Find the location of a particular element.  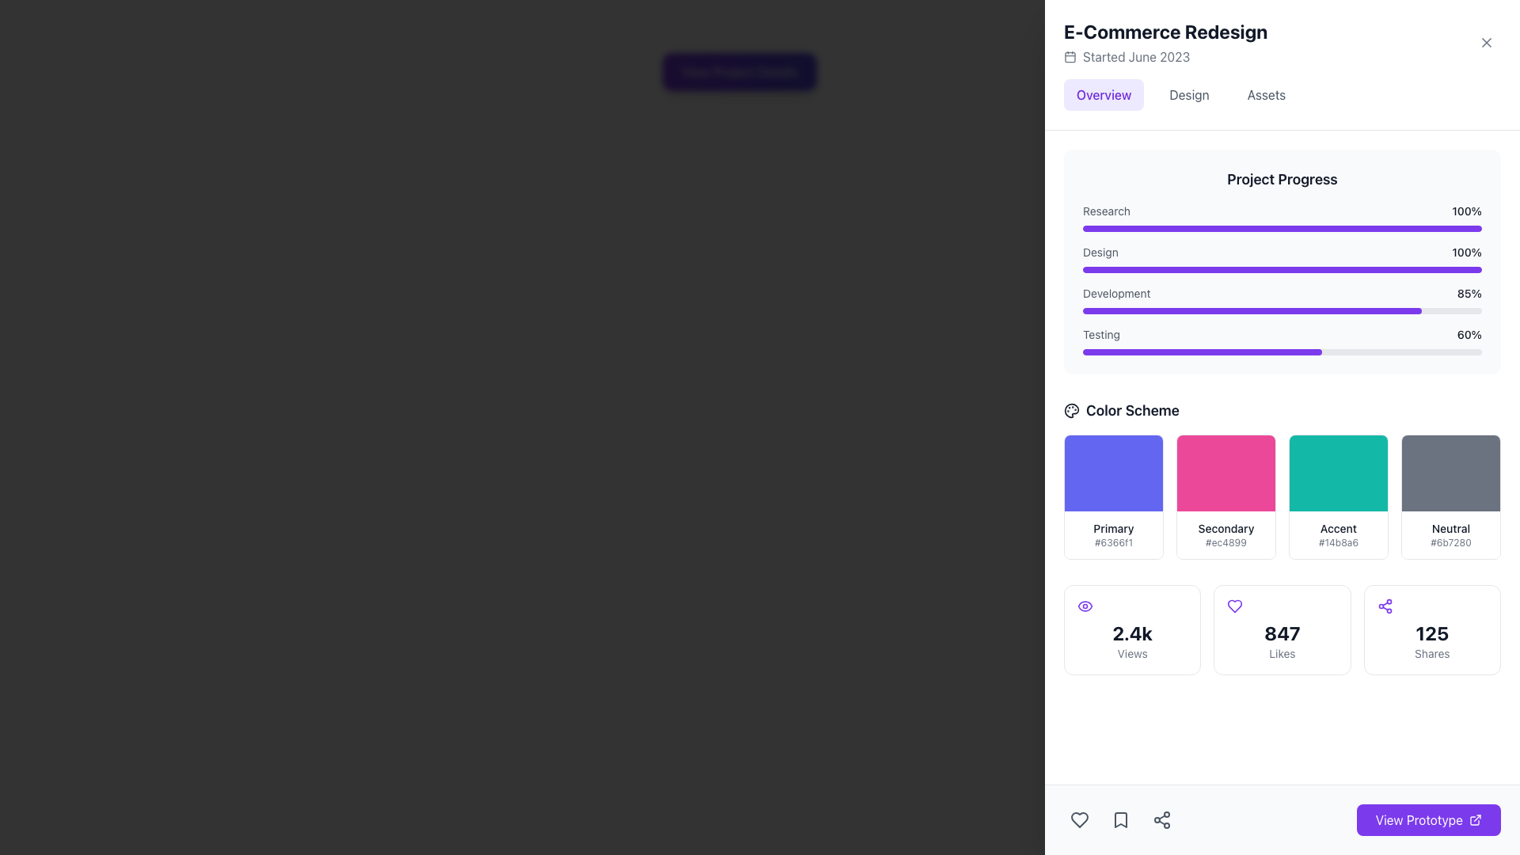

the progress bar representing the 'Testing' task, which indicates a progress of 60% in the 'Project Progress' section is located at coordinates (1203, 351).